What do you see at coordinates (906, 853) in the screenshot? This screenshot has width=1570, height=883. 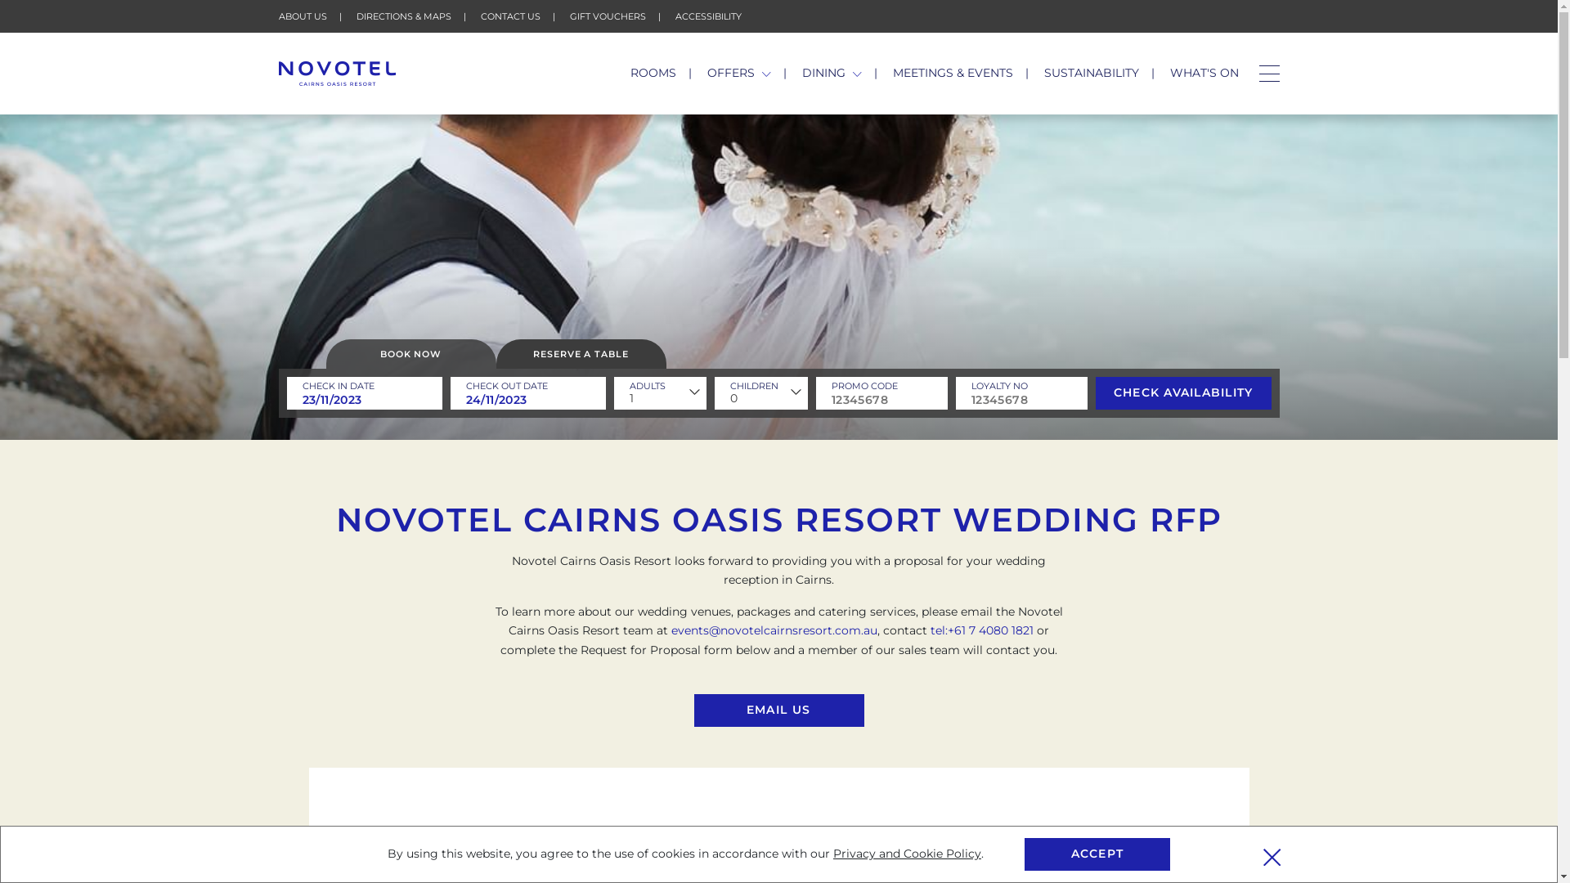 I see `'Privacy and Cookie Policy` at bounding box center [906, 853].